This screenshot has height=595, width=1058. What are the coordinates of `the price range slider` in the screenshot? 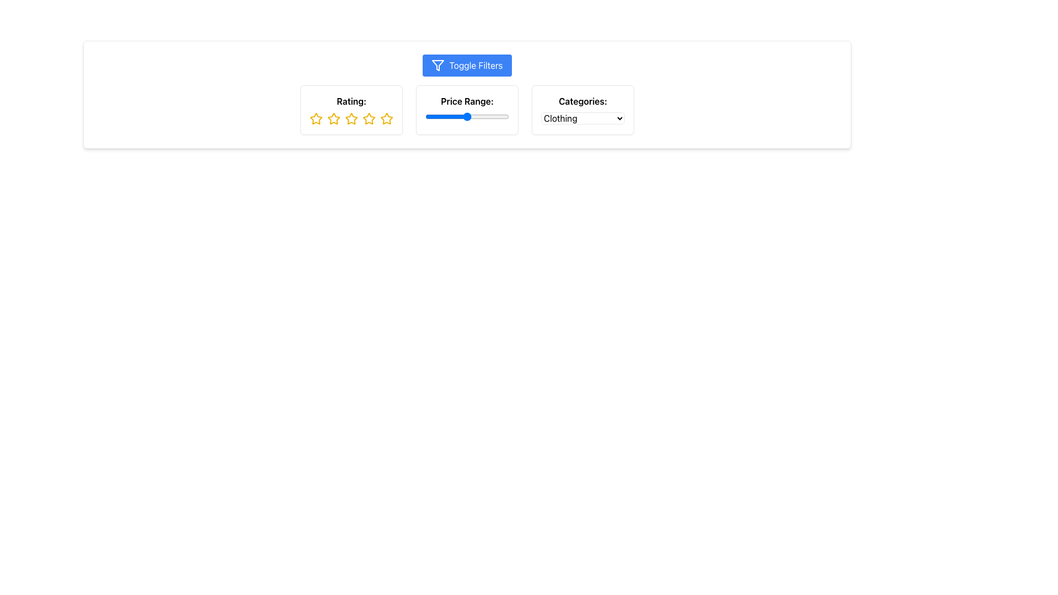 It's located at (504, 117).